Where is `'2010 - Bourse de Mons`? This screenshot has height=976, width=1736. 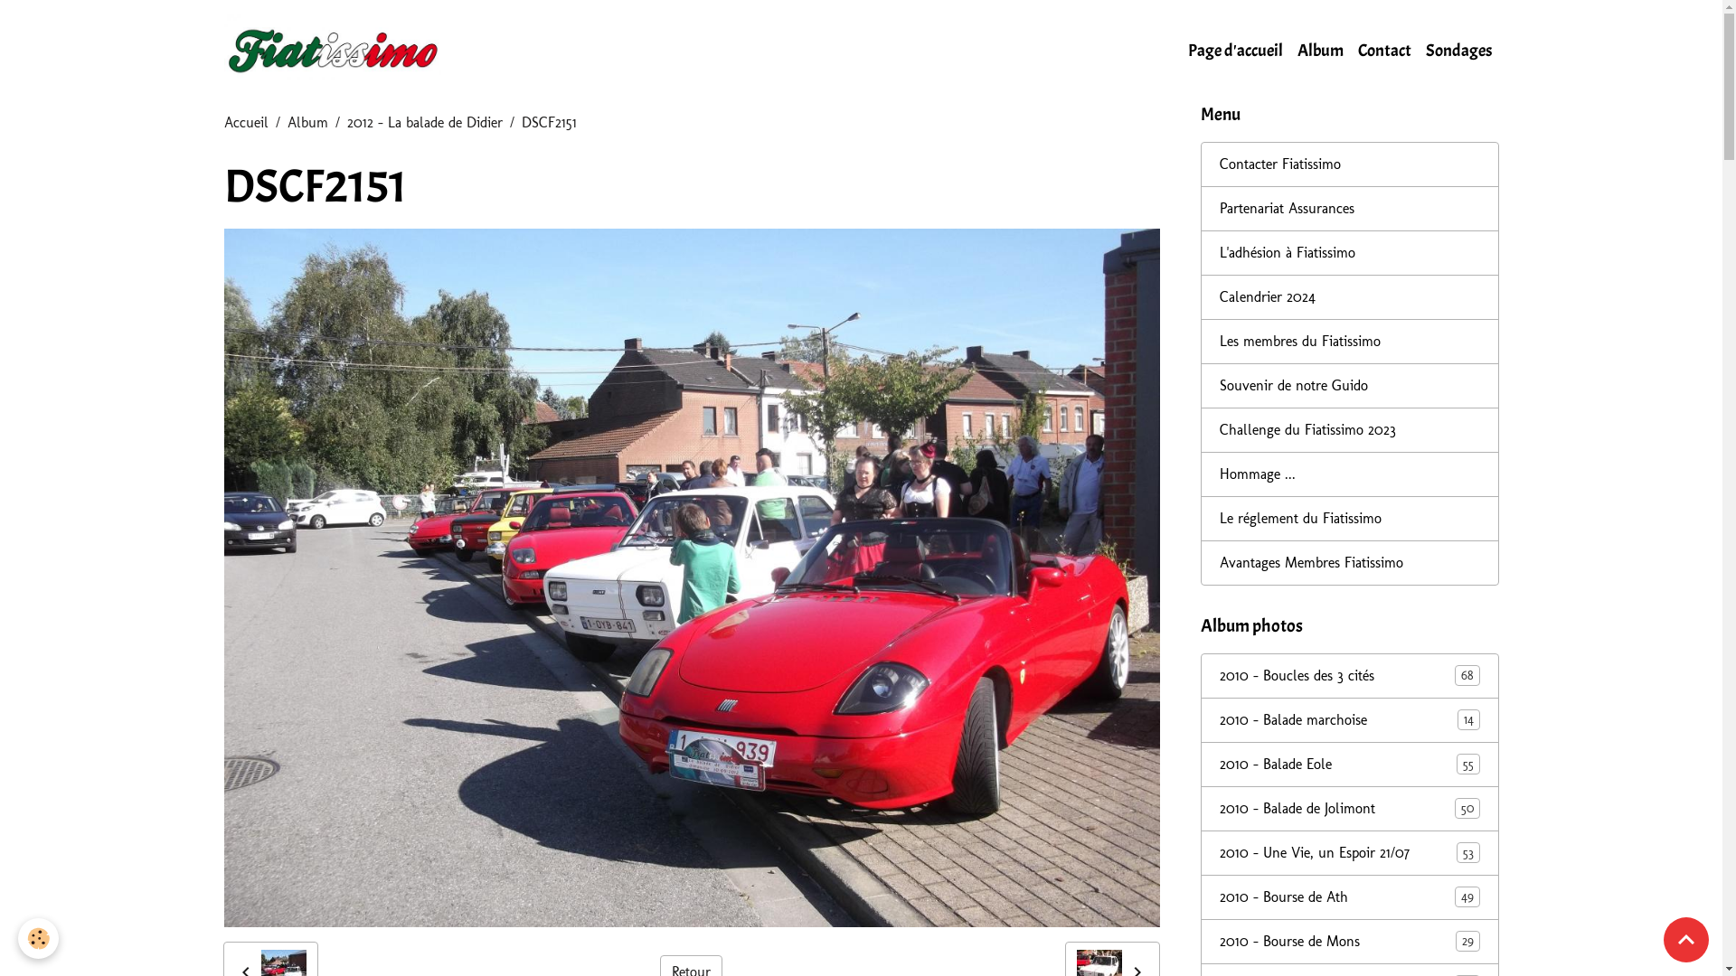 '2010 - Bourse de Mons is located at coordinates (1349, 940).